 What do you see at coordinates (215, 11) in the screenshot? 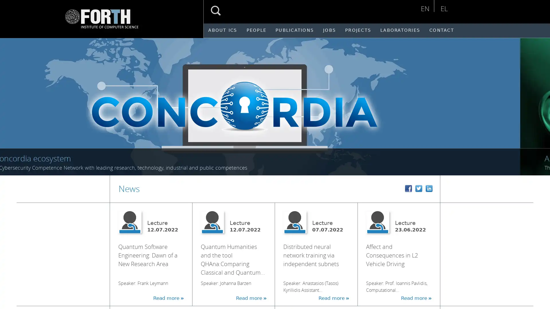
I see `Submit Search Button` at bounding box center [215, 11].